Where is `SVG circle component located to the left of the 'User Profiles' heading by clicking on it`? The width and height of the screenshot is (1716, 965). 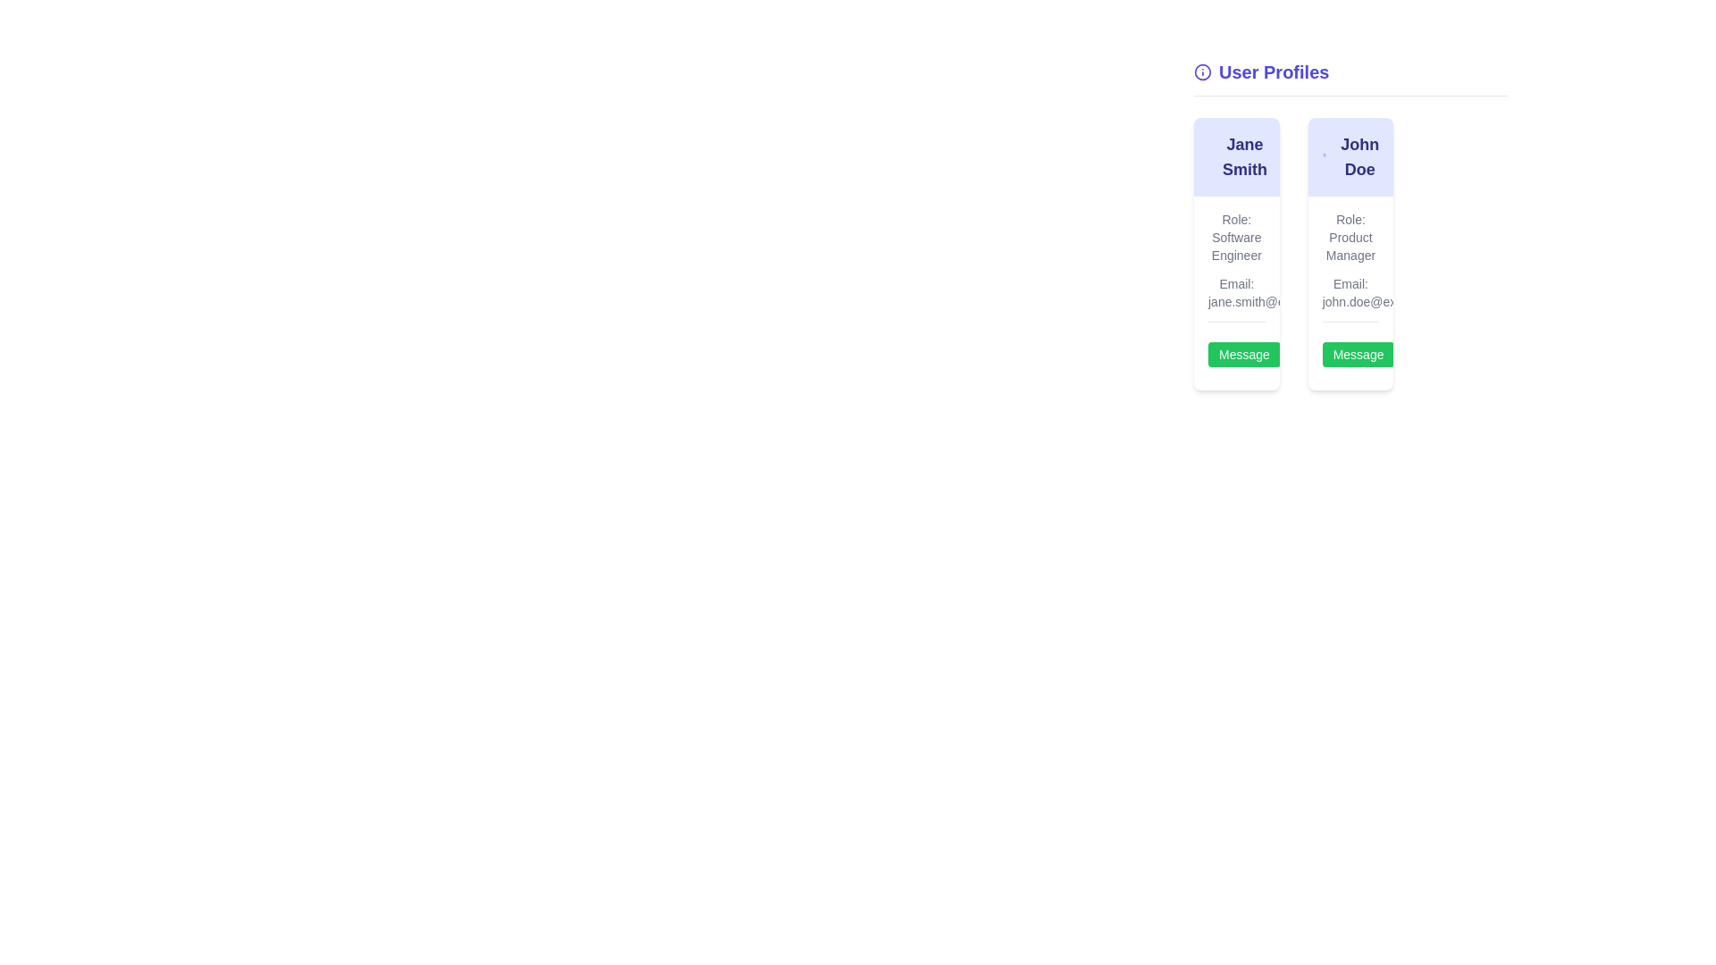 SVG circle component located to the left of the 'User Profiles' heading by clicking on it is located at coordinates (1202, 71).